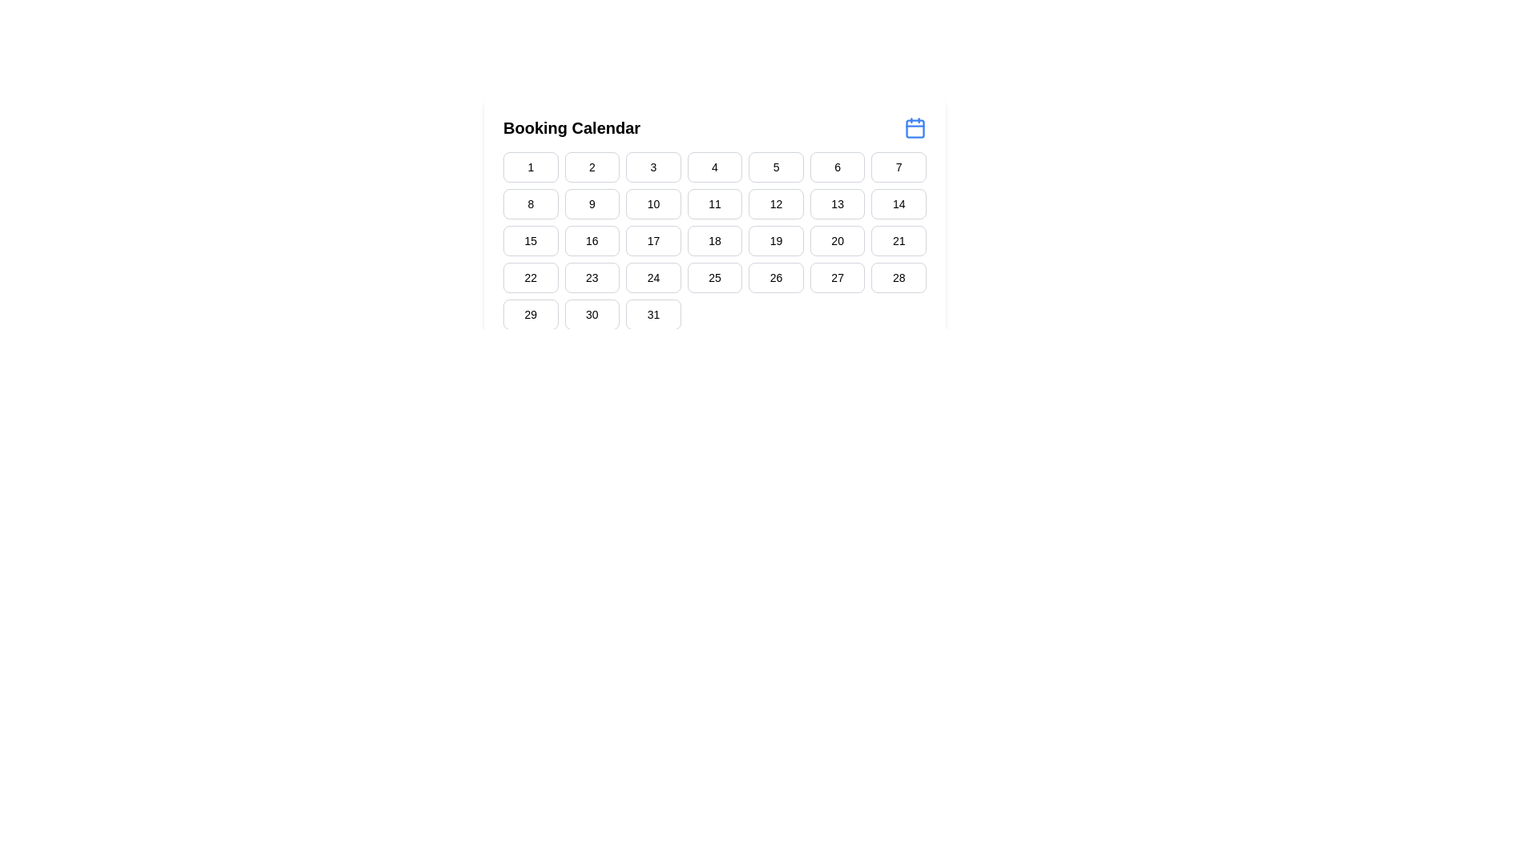  I want to click on the button, so click(714, 167).